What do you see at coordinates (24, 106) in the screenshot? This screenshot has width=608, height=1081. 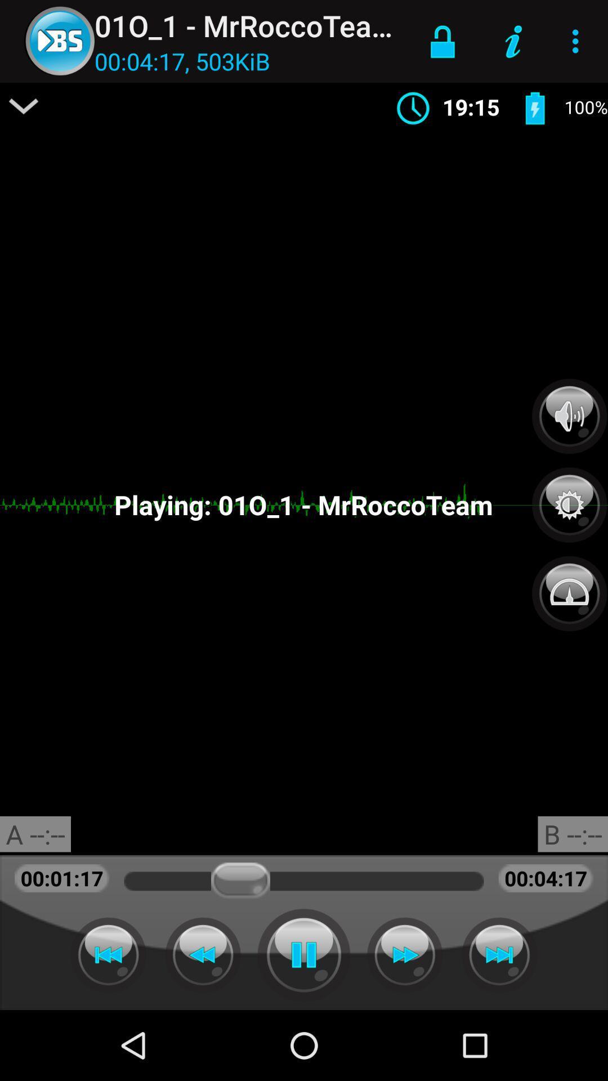 I see `the expand_more icon` at bounding box center [24, 106].